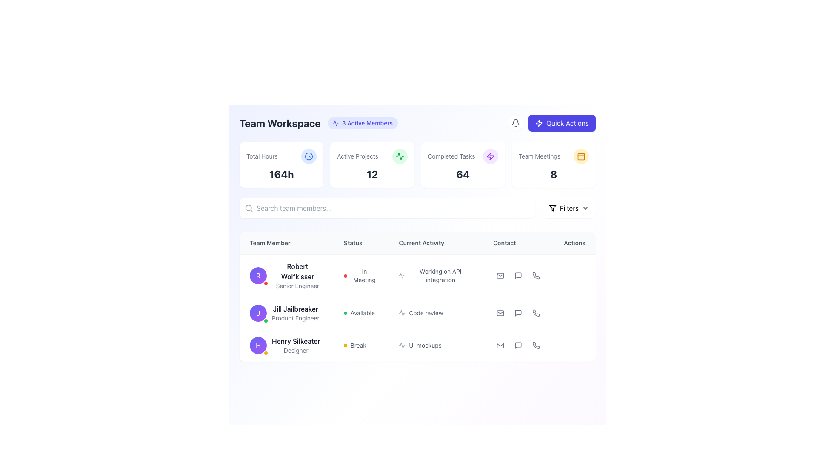  Describe the element at coordinates (436, 275) in the screenshot. I see `the text displayed in the 'Current Activity' column for team member 'Robert Wolfkisser', Senior Engineer, in the Team Workspace interface` at that location.